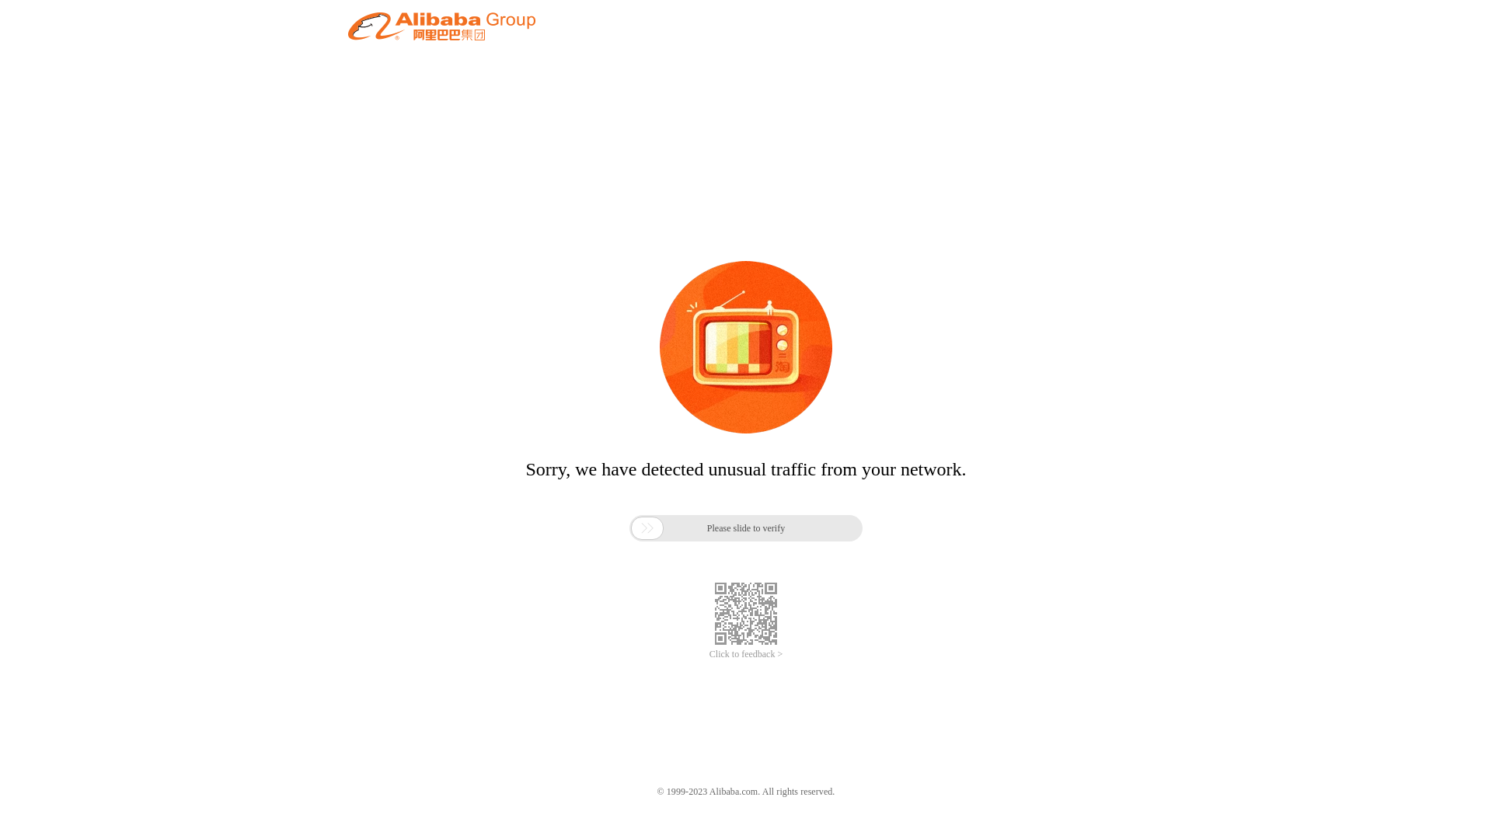  What do you see at coordinates (746, 654) in the screenshot?
I see `'Click to feedback >'` at bounding box center [746, 654].